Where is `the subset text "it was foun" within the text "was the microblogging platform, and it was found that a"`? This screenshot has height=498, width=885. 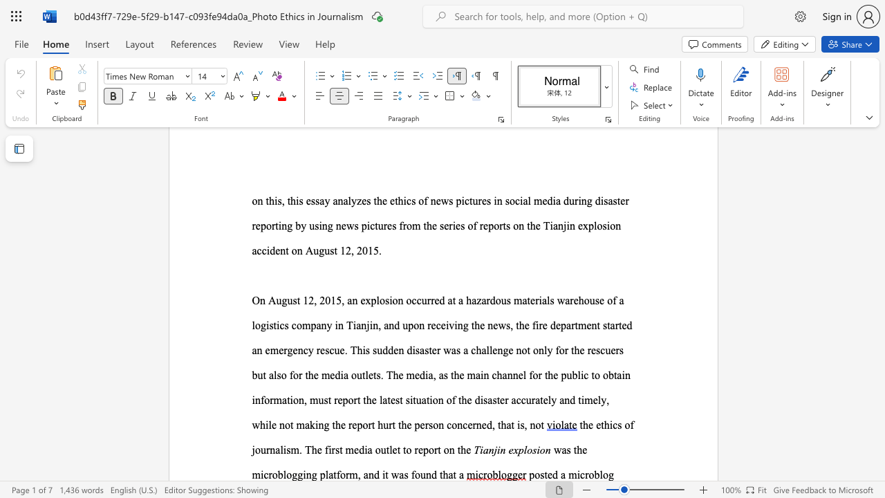 the subset text "it was foun" within the text "was the microblogging platform, and it was found that a" is located at coordinates (382, 474).